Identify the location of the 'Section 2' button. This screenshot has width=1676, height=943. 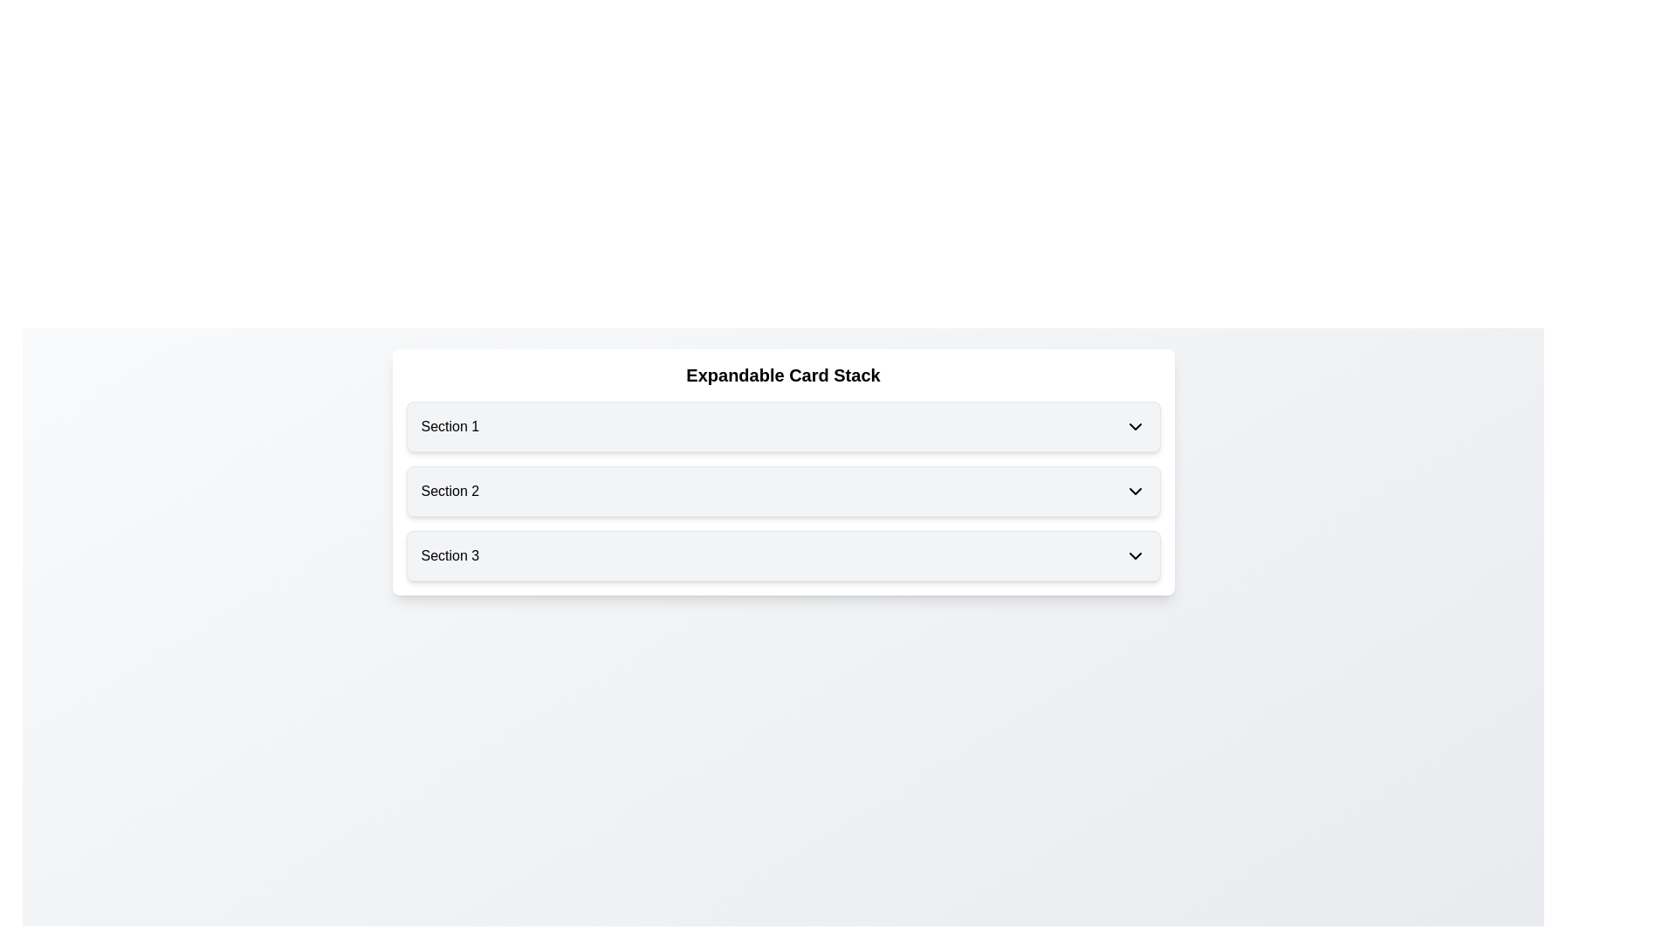
(782, 492).